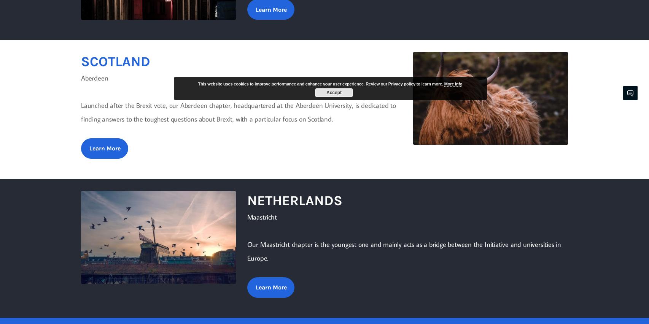 The image size is (649, 324). I want to click on 'Maastricht', so click(261, 217).